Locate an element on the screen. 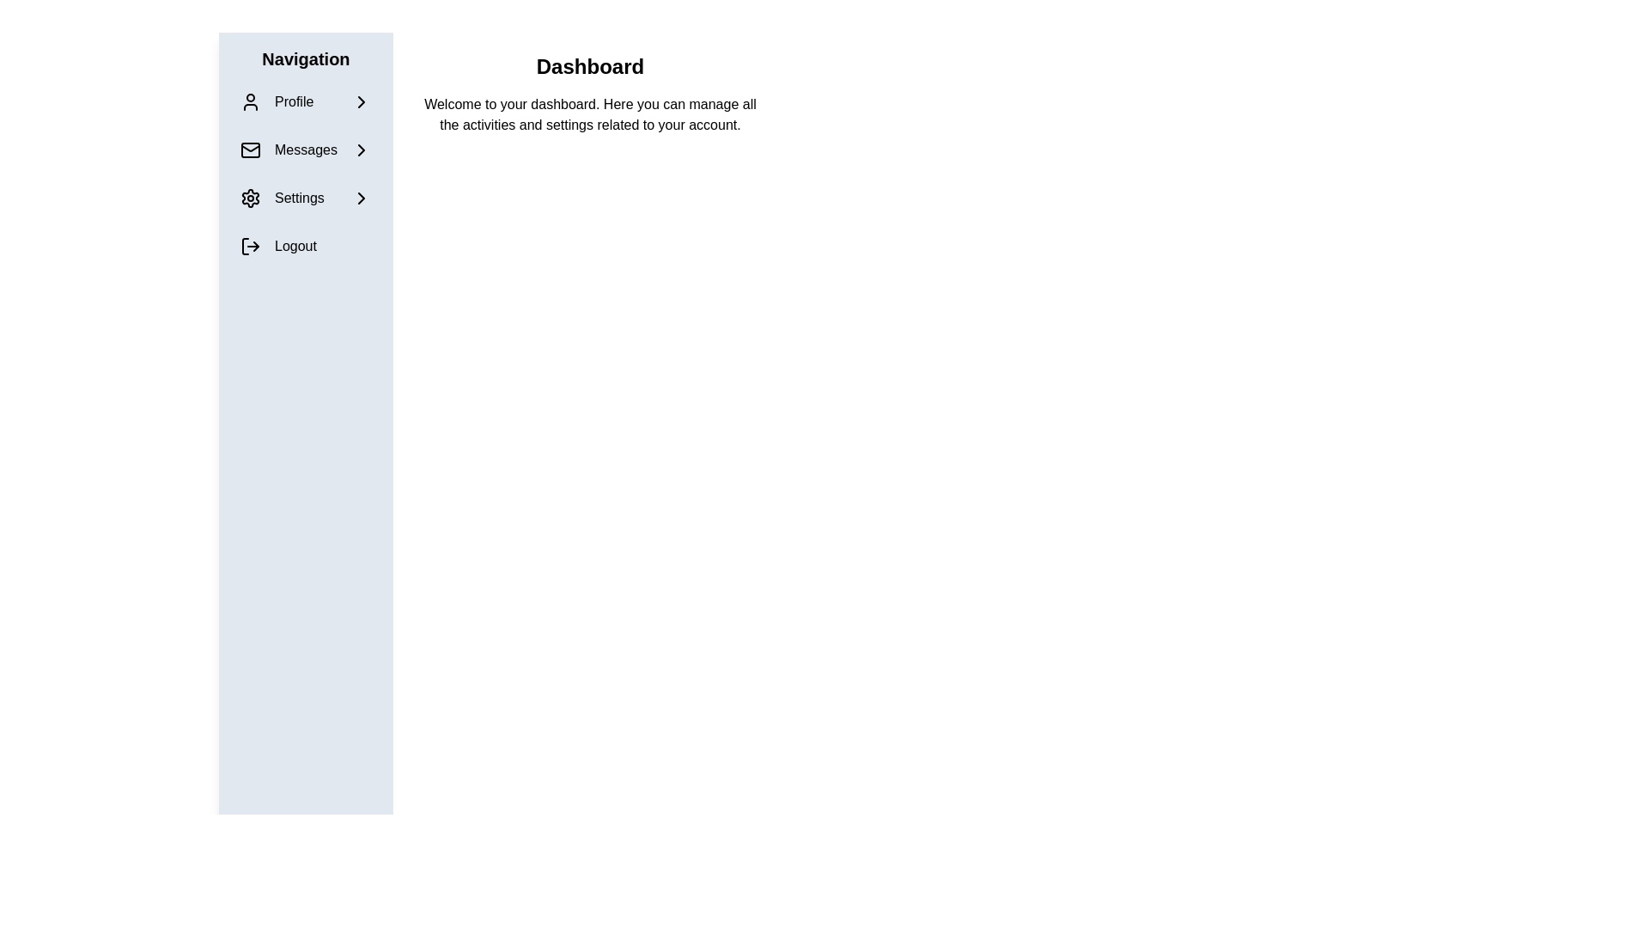 The height and width of the screenshot is (928, 1649). the text block that reads 'Welcome to your dashboard. Here you can manage all the activities and settings related to your account.', which is located below the 'Dashboard' header is located at coordinates (590, 115).